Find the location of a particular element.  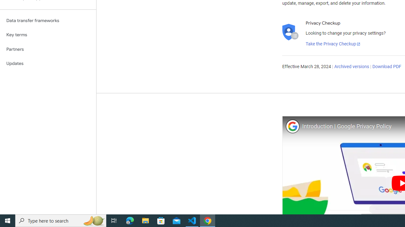

'Photo image of Google' is located at coordinates (292, 126).